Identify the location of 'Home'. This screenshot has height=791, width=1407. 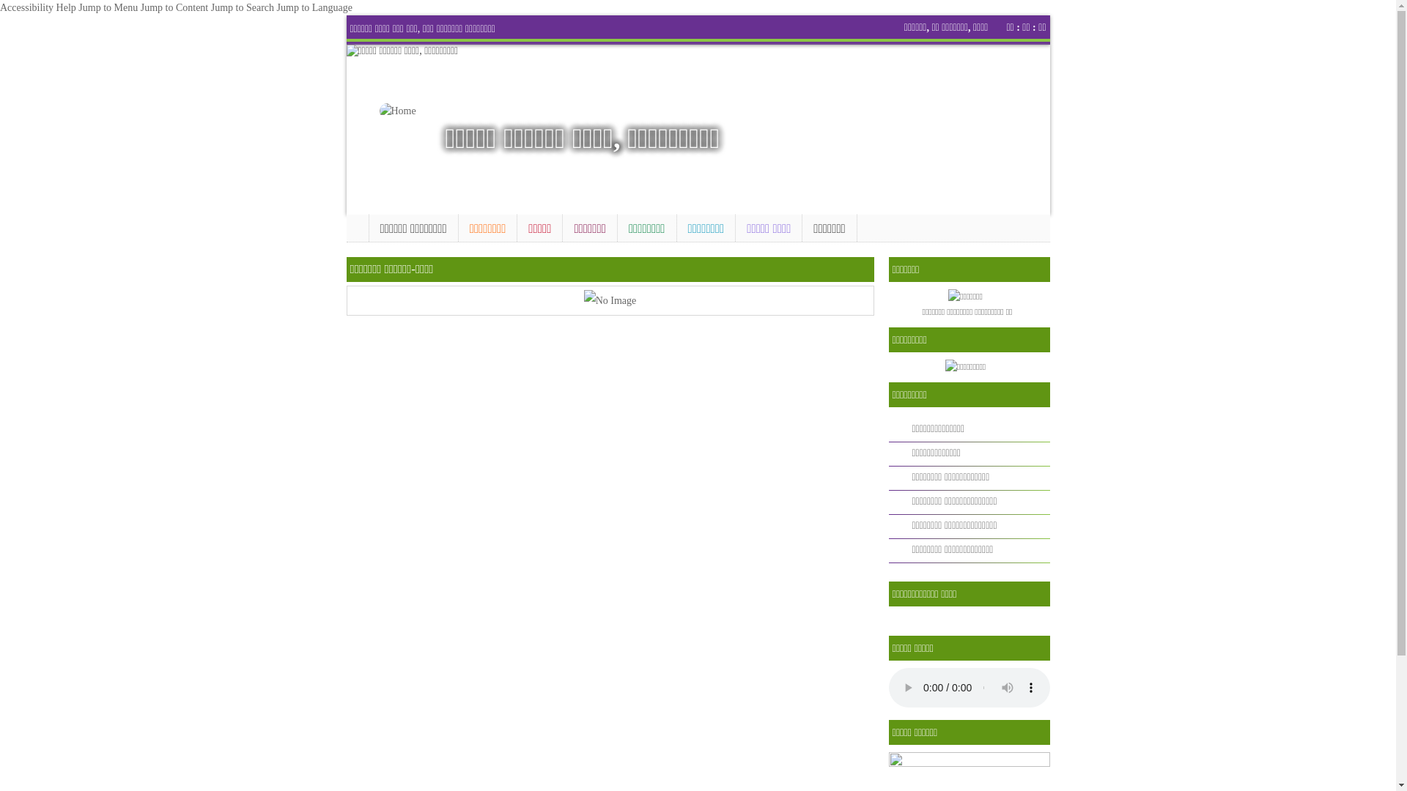
(380, 110).